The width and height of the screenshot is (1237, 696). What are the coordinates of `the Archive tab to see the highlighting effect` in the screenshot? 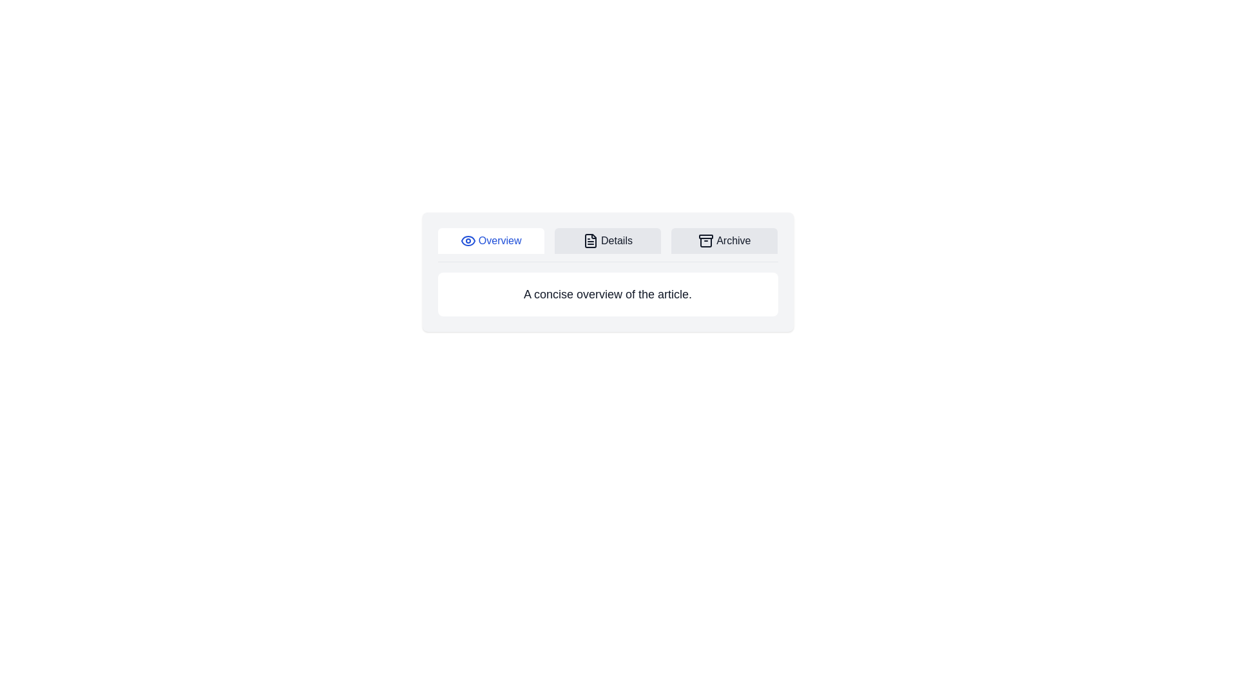 It's located at (724, 241).